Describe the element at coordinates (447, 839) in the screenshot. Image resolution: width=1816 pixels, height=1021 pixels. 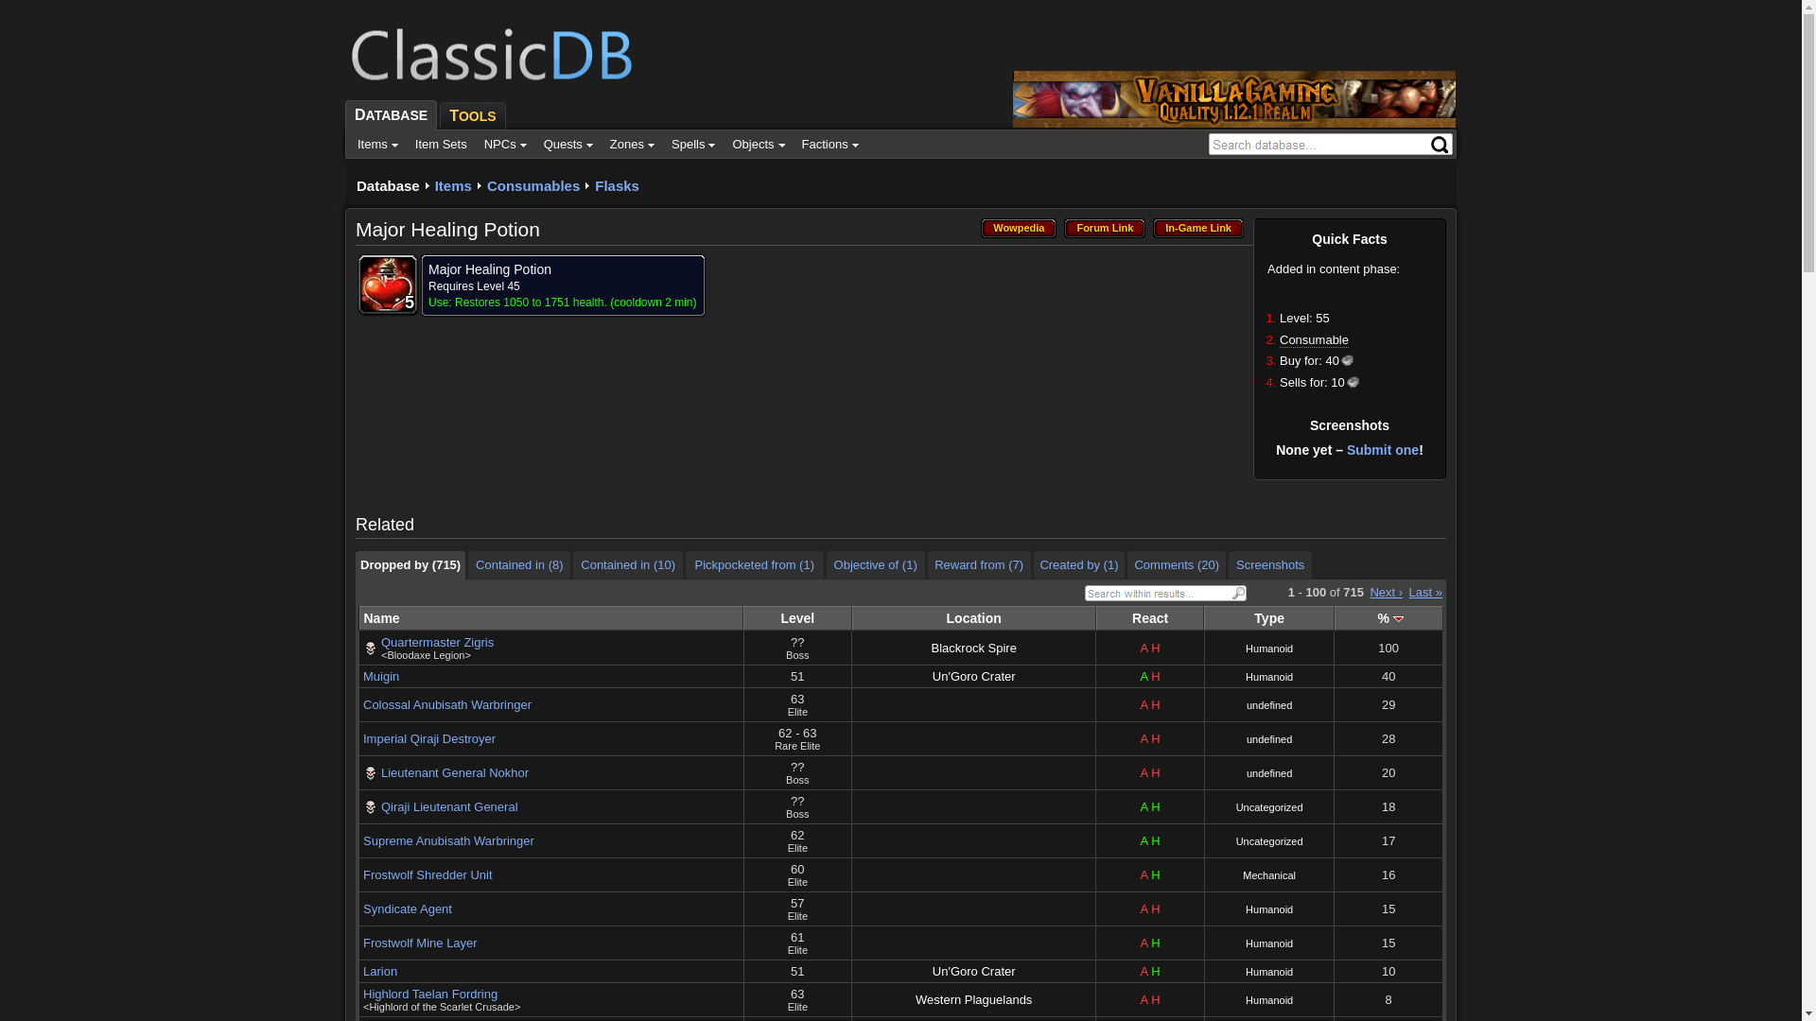
I see `'Supreme Anubisath Warbringer'` at that location.